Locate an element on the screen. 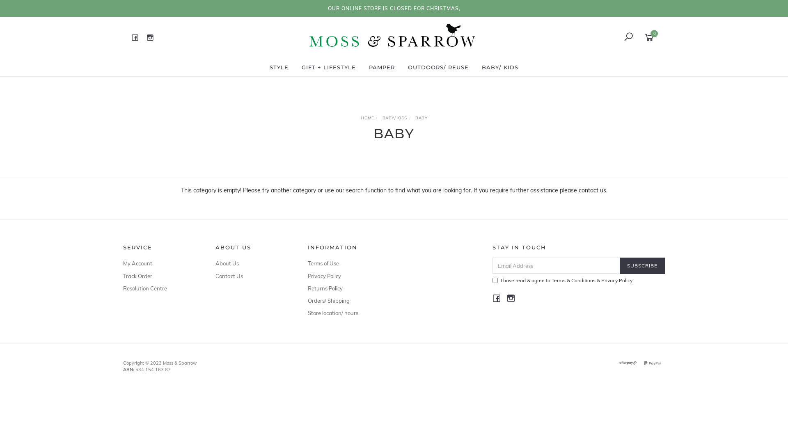  'BABY/ KIDS' is located at coordinates (394, 118).